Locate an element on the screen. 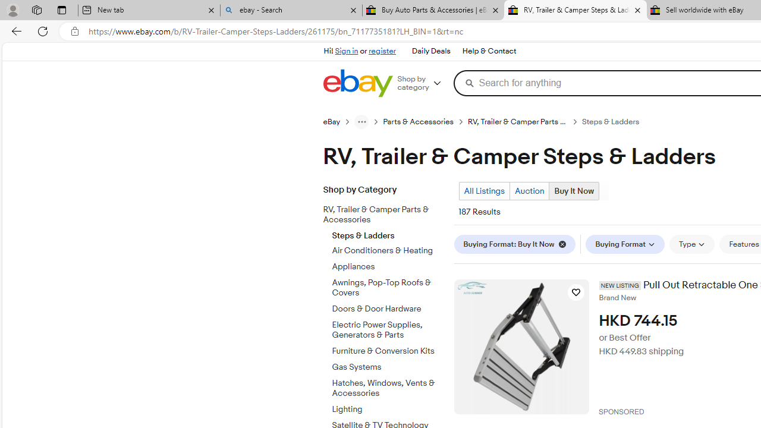  'Sign in' is located at coordinates (346, 51).